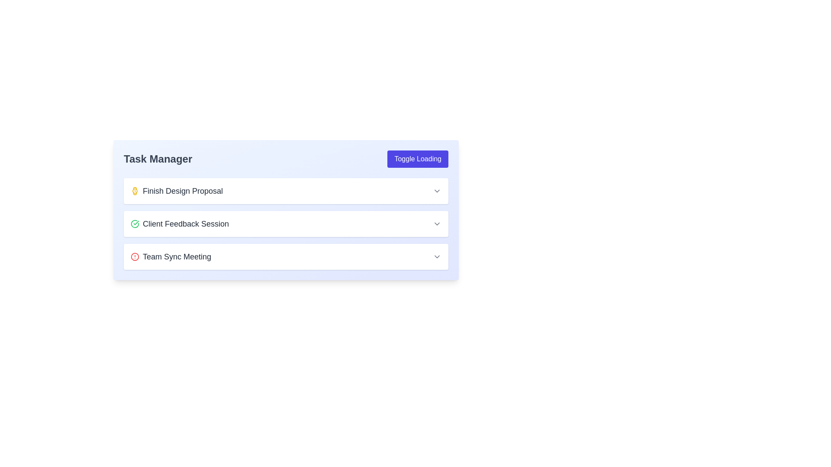  I want to click on text label representing the task titled 'Client Feedback Session', which is located in the Task Manager list as the second item between 'Finish Design Proposal' and 'Team Sync Meeting', so click(185, 223).